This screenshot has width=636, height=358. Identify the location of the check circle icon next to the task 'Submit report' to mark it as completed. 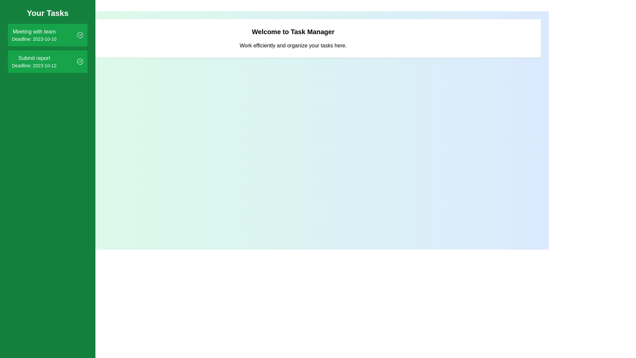
(79, 61).